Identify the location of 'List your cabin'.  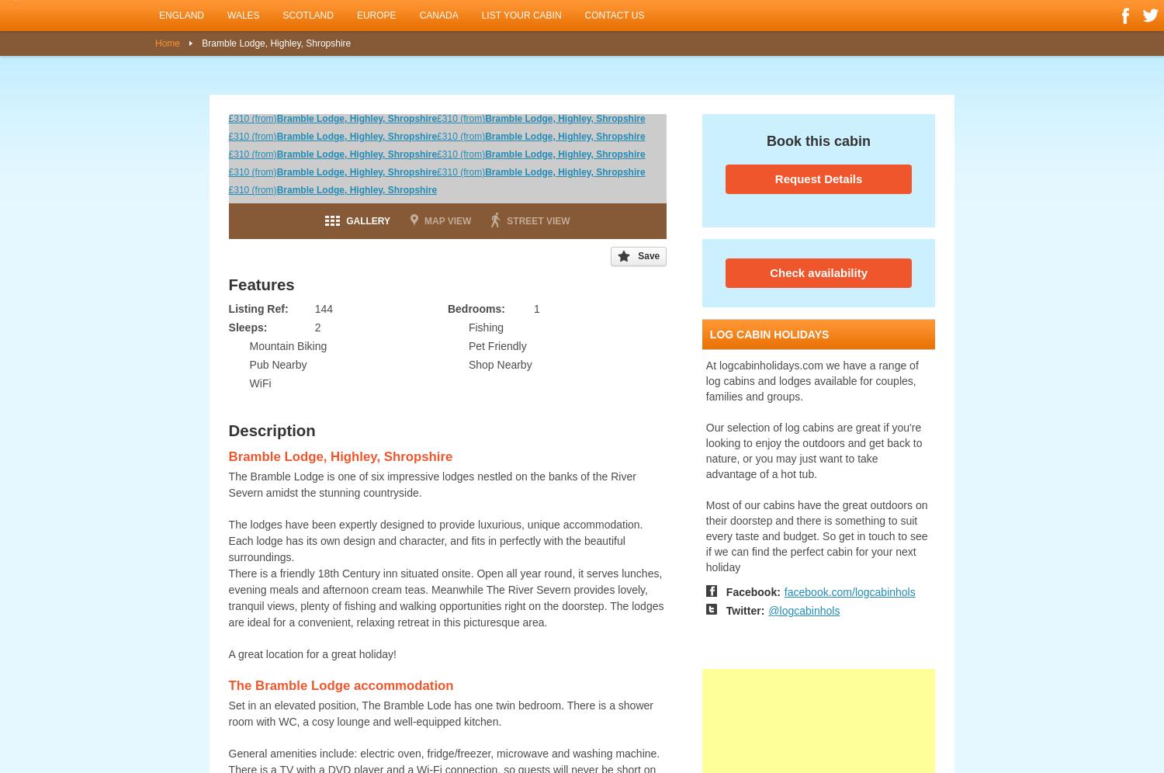
(521, 16).